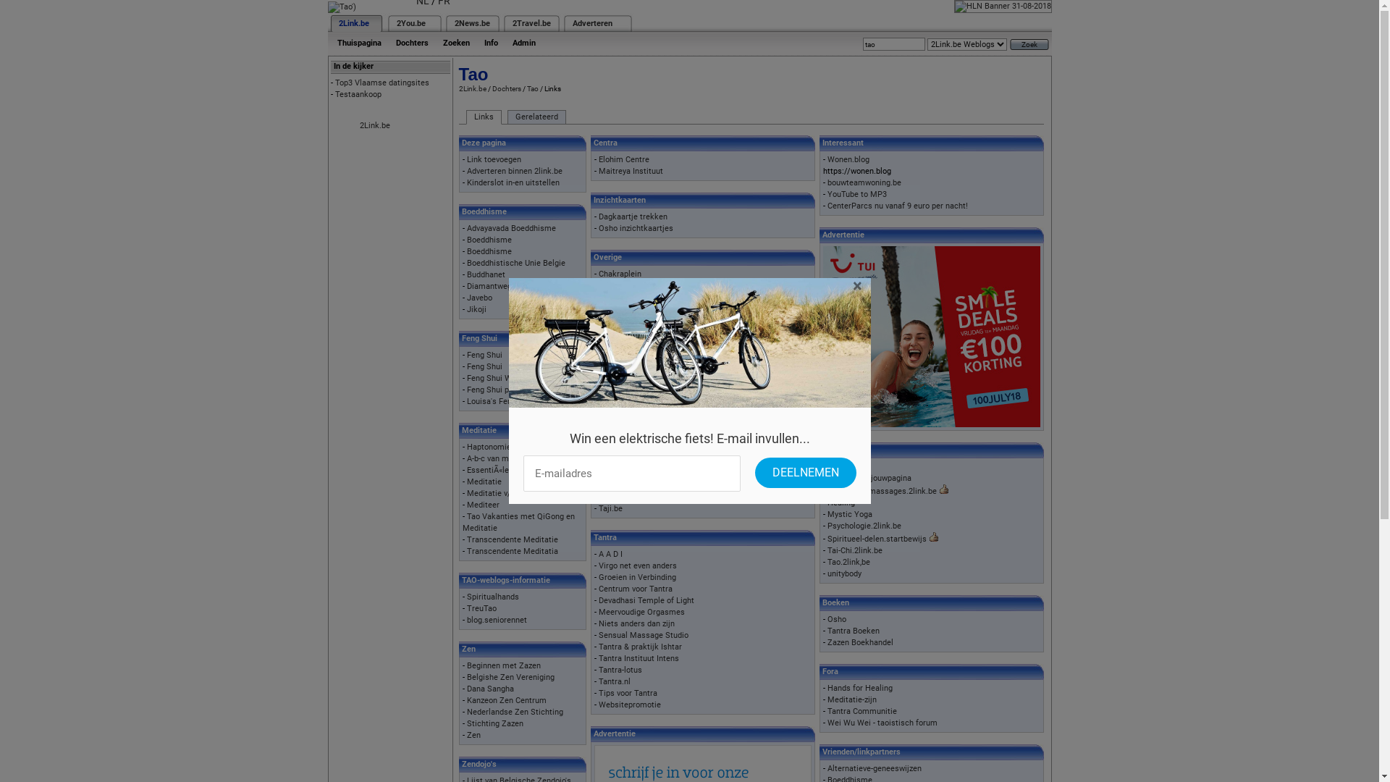 Image resolution: width=1390 pixels, height=782 pixels. Describe the element at coordinates (531, 23) in the screenshot. I see `'2Travel.be'` at that location.